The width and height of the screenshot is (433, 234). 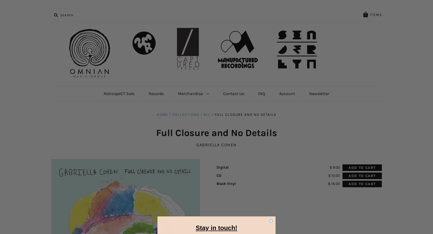 What do you see at coordinates (222, 167) in the screenshot?
I see `'Digital'` at bounding box center [222, 167].